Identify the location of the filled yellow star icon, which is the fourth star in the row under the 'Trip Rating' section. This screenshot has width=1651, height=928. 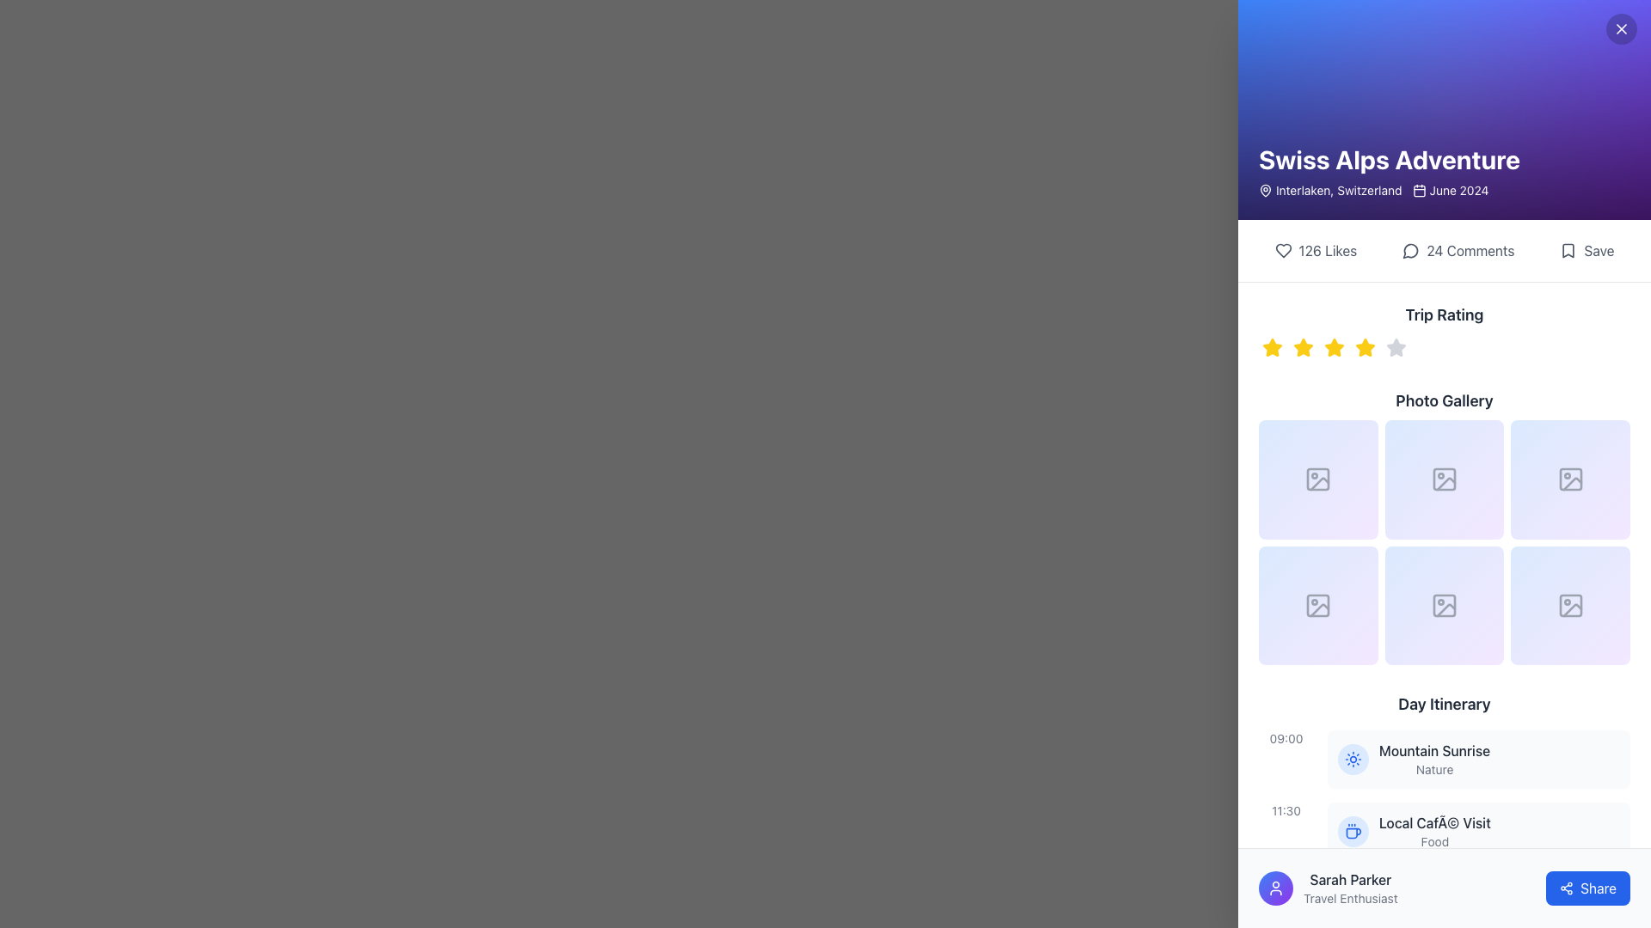
(1365, 348).